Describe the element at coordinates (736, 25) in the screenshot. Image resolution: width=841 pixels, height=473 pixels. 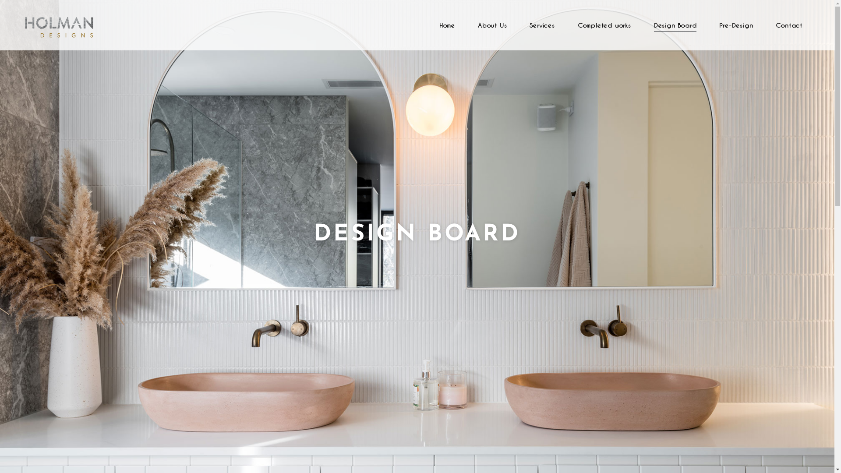
I see `'Pre-Design'` at that location.